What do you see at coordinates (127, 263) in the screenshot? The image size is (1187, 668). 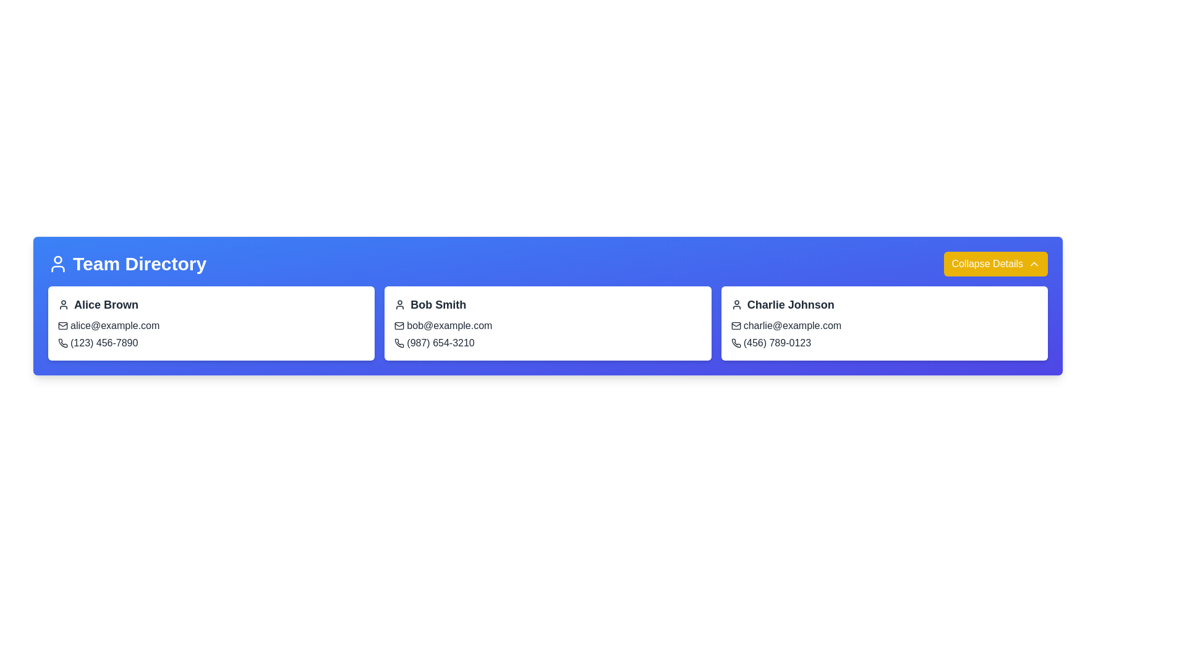 I see `the 'Team Directory' header text, which is styled in bold and large font, located near the top-left corner of the interface` at bounding box center [127, 263].